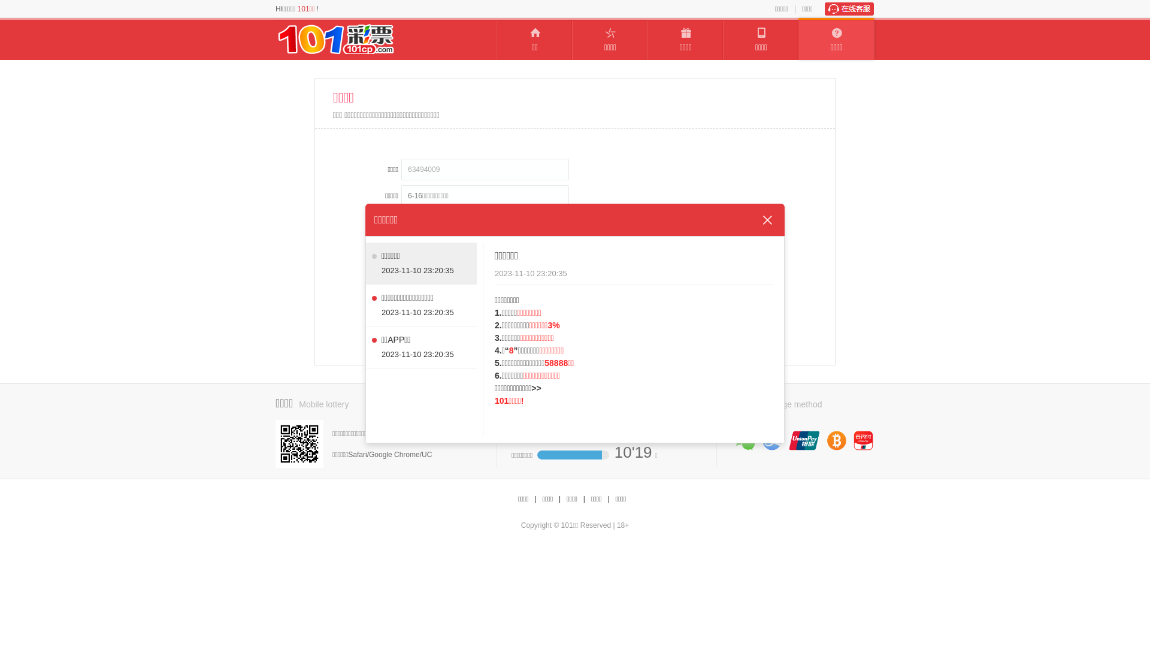  What do you see at coordinates (559, 499) in the screenshot?
I see `'|'` at bounding box center [559, 499].